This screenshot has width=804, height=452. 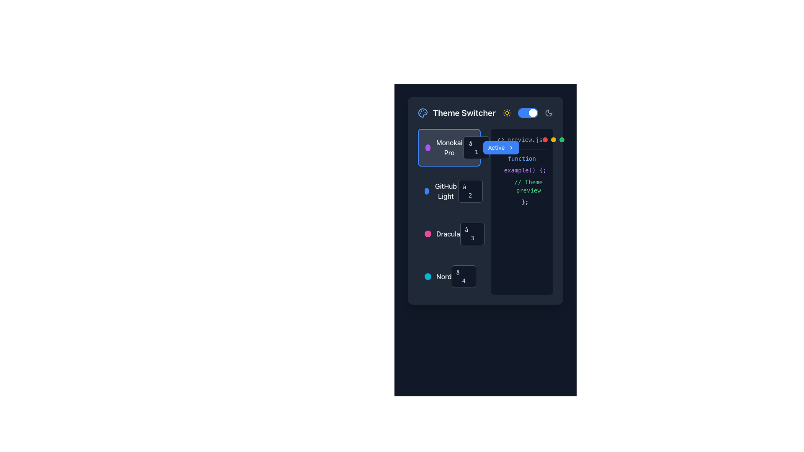 What do you see at coordinates (528, 113) in the screenshot?
I see `the toggle switch located in the 'Theme Switcher' section, which has a blue background with a white circular element on the right` at bounding box center [528, 113].